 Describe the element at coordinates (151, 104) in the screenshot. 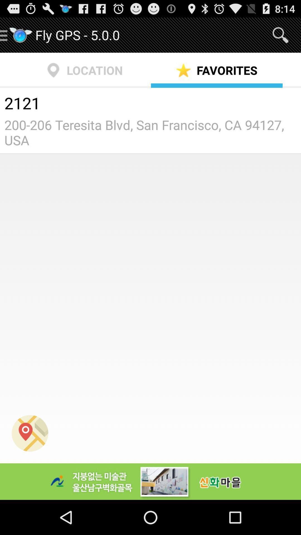

I see `the 2121 item` at that location.